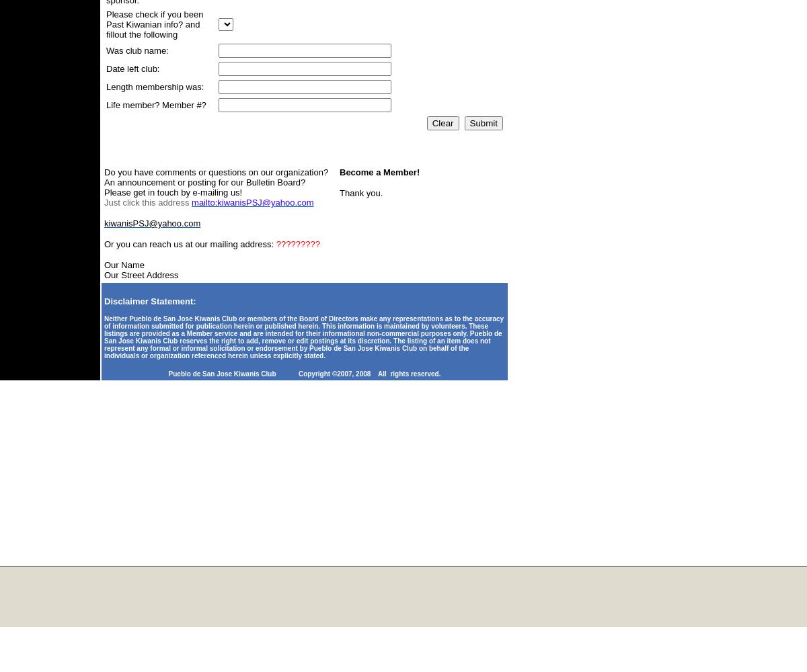 The width and height of the screenshot is (807, 672). What do you see at coordinates (137, 50) in the screenshot?
I see `'Was club name:'` at bounding box center [137, 50].